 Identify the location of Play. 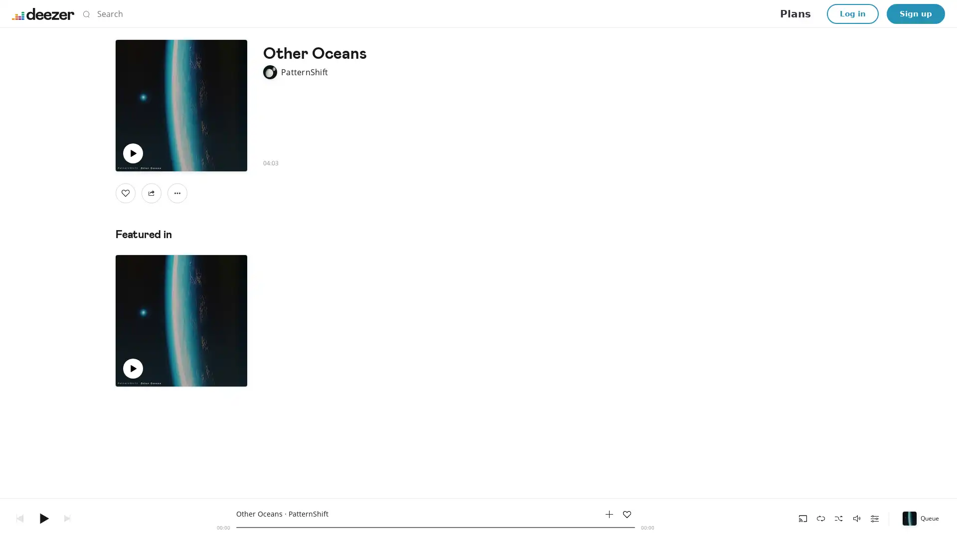
(133, 369).